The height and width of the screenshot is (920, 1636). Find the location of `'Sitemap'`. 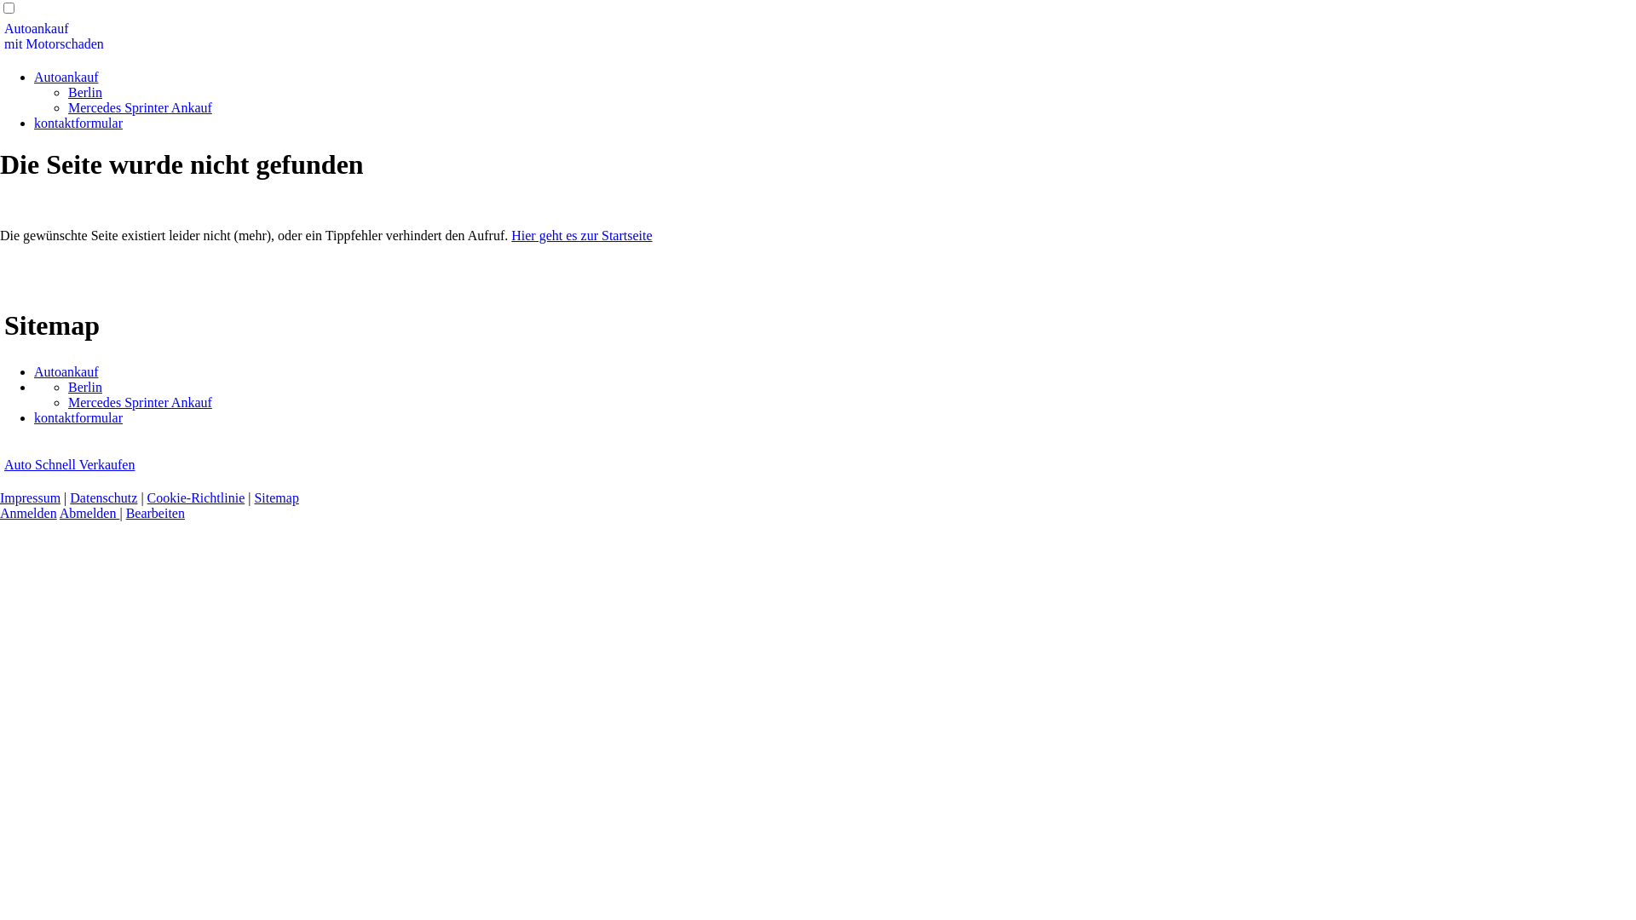

'Sitemap' is located at coordinates (276, 497).